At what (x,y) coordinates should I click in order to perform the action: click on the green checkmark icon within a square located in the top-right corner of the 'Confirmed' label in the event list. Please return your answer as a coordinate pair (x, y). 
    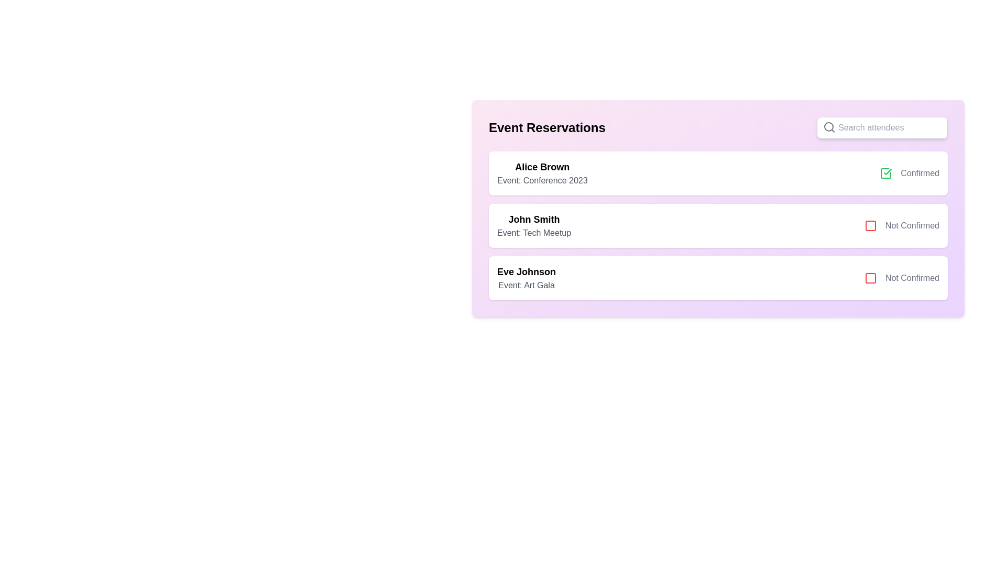
    Looking at the image, I should click on (885, 173).